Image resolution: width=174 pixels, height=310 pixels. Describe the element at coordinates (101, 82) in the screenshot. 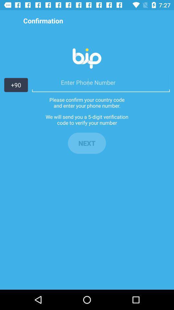

I see `here we have to enter the mobile number for confirmation` at that location.